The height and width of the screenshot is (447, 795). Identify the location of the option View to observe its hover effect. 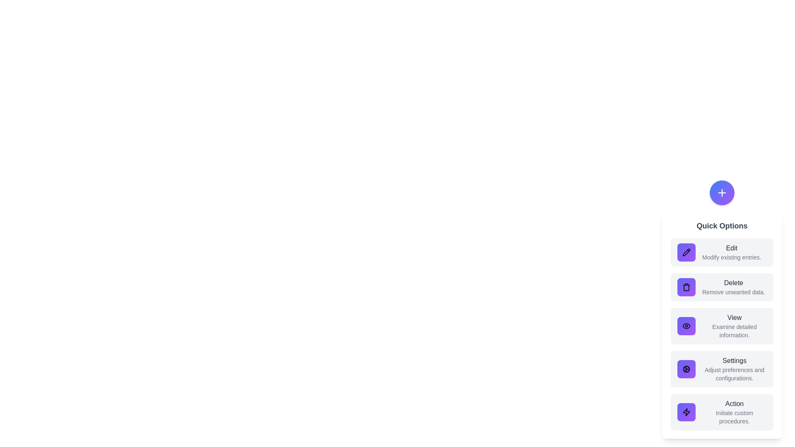
(721, 325).